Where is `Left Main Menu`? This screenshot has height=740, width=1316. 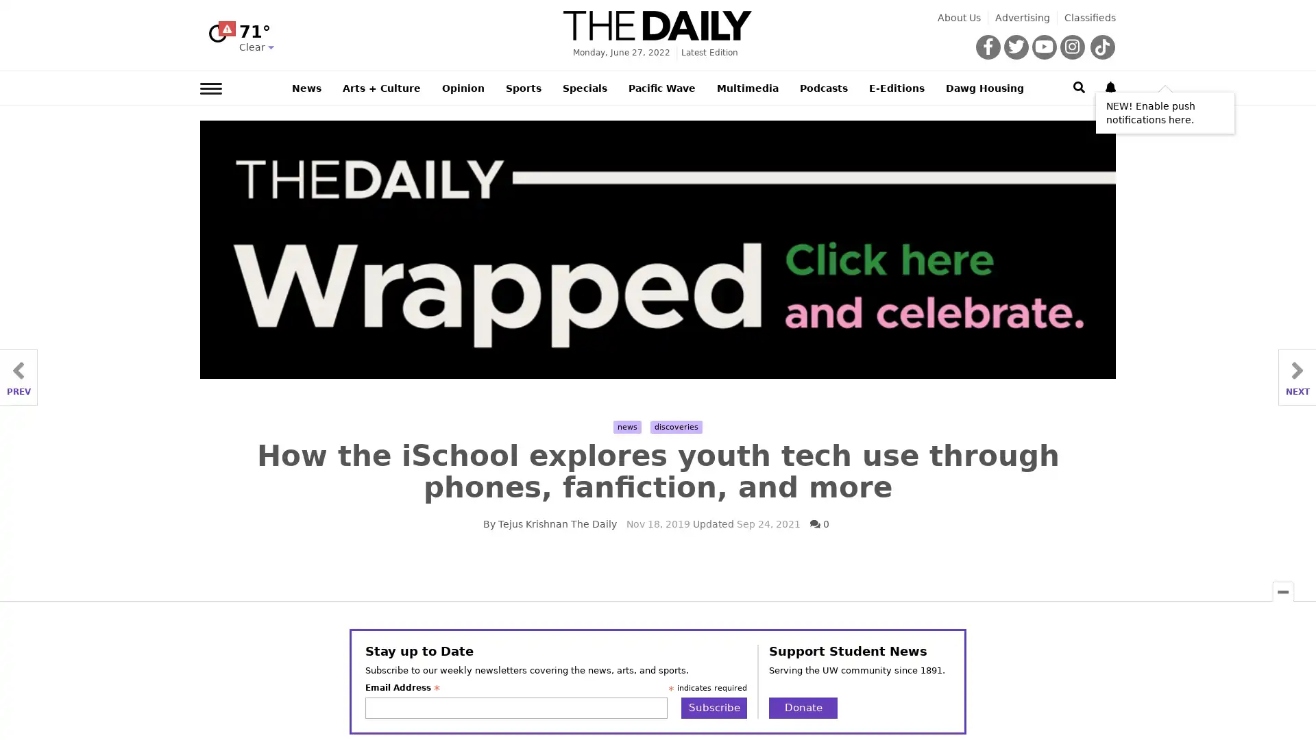 Left Main Menu is located at coordinates (210, 88).